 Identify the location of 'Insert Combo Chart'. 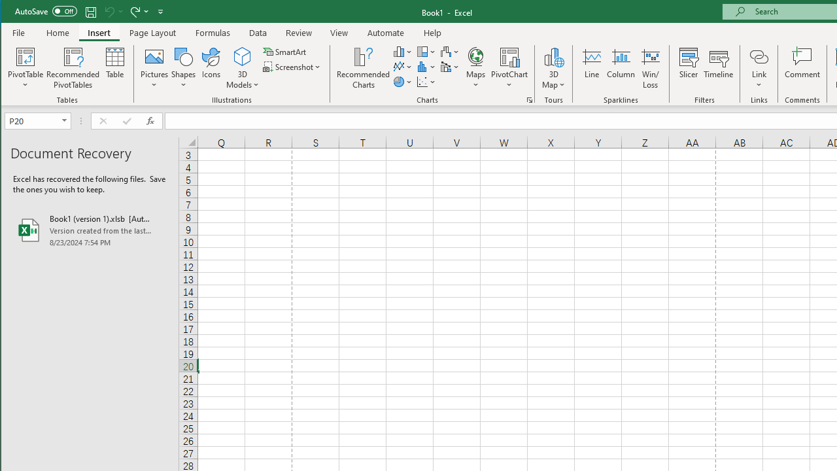
(450, 67).